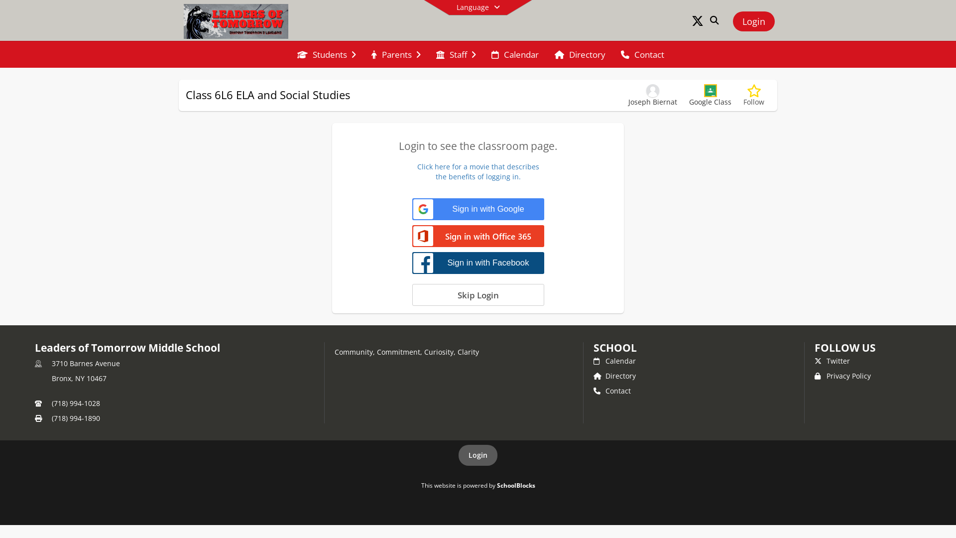 The height and width of the screenshot is (538, 956). I want to click on 'Staff', so click(456, 55).